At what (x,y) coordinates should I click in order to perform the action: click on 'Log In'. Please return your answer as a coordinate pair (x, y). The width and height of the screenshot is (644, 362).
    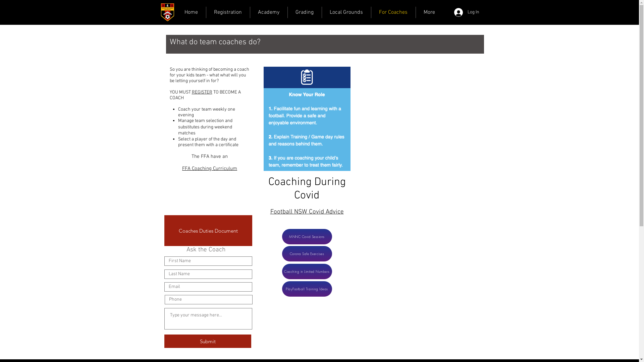
    Looking at the image, I should click on (449, 12).